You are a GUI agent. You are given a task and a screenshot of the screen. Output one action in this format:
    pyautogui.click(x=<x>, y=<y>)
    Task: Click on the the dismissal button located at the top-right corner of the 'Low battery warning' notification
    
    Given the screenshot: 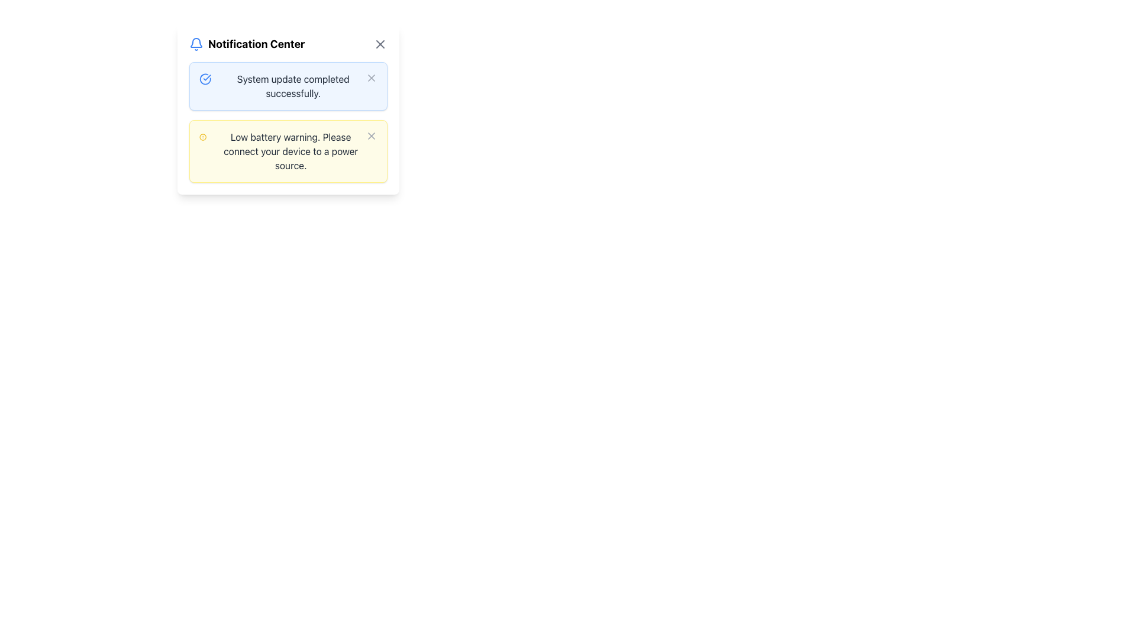 What is the action you would take?
    pyautogui.click(x=371, y=135)
    